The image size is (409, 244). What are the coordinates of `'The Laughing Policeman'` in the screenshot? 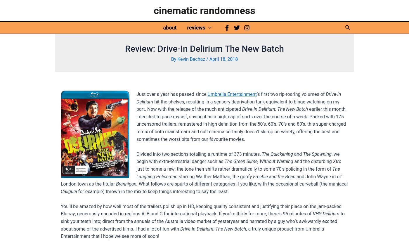 It's located at (238, 172).